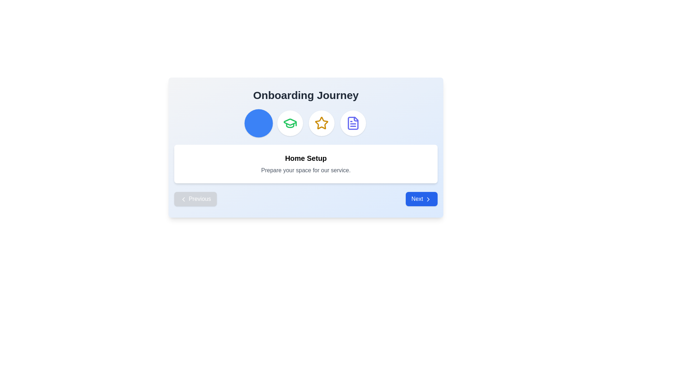 Image resolution: width=687 pixels, height=386 pixels. What do you see at coordinates (321, 123) in the screenshot?
I see `the star-shaped icon with a yellow stroke, which is the third circular icon in a row of four, located centrally in the layout` at bounding box center [321, 123].